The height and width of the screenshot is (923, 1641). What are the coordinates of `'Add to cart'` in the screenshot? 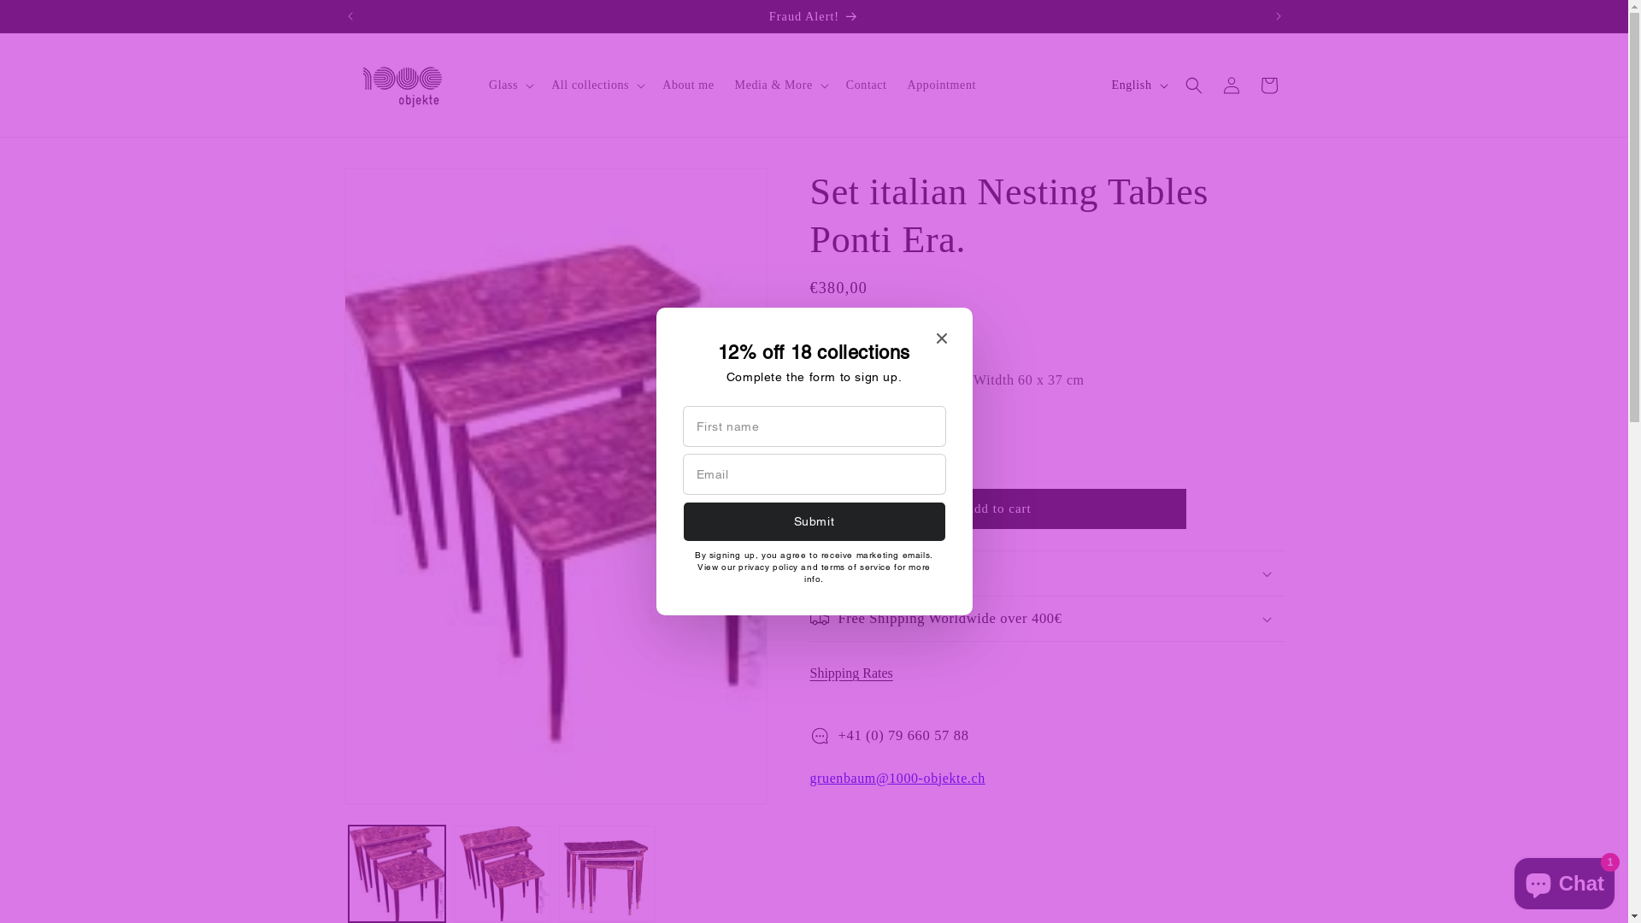 It's located at (997, 508).